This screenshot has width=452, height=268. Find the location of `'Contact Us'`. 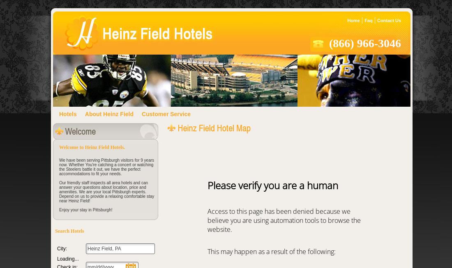

'Contact Us' is located at coordinates (389, 21).